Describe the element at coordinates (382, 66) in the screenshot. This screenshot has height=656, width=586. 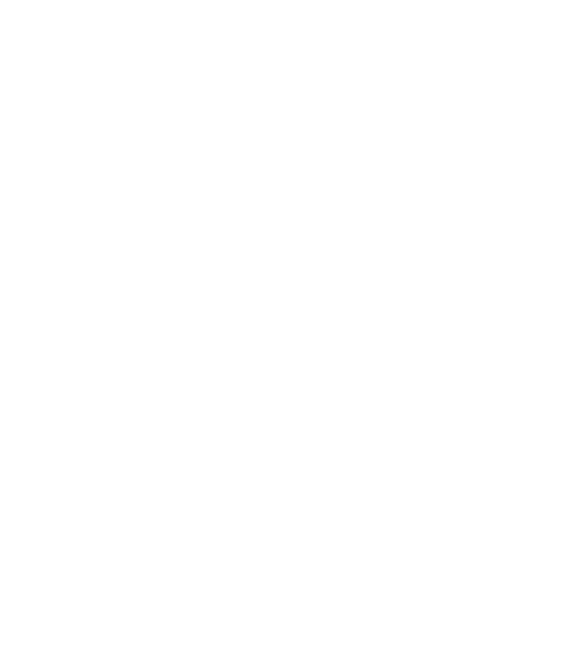
I see `'How to Deploy Zero Trust for Remote Workforce Security'` at that location.